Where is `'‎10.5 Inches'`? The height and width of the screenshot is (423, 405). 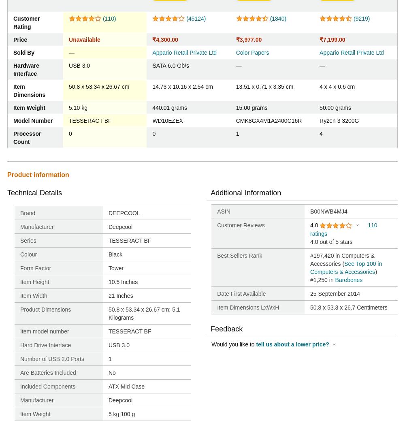
'‎10.5 Inches' is located at coordinates (123, 282).